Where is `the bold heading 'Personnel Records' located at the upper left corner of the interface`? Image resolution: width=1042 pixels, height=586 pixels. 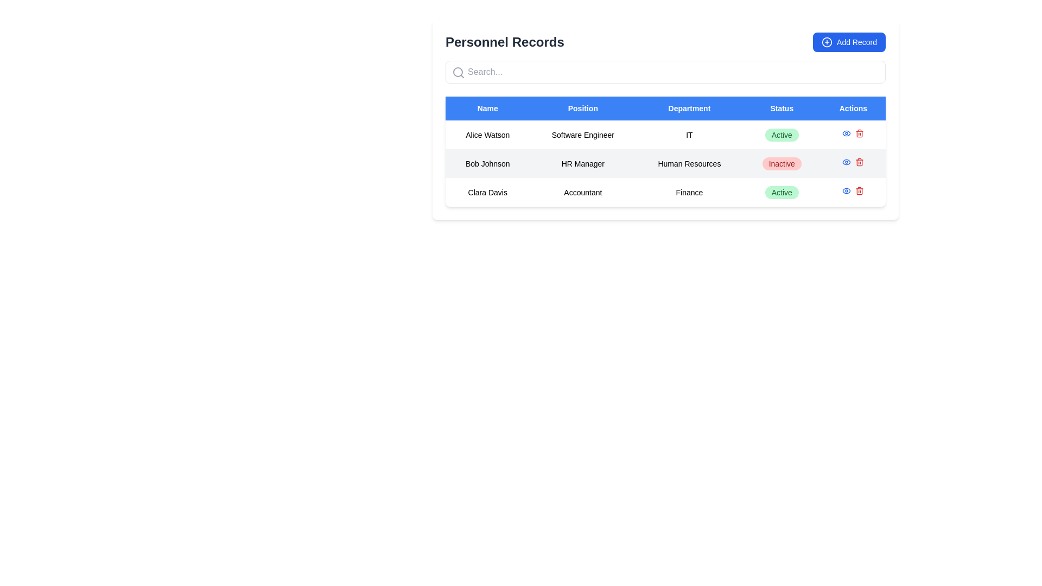 the bold heading 'Personnel Records' located at the upper left corner of the interface is located at coordinates (504, 41).